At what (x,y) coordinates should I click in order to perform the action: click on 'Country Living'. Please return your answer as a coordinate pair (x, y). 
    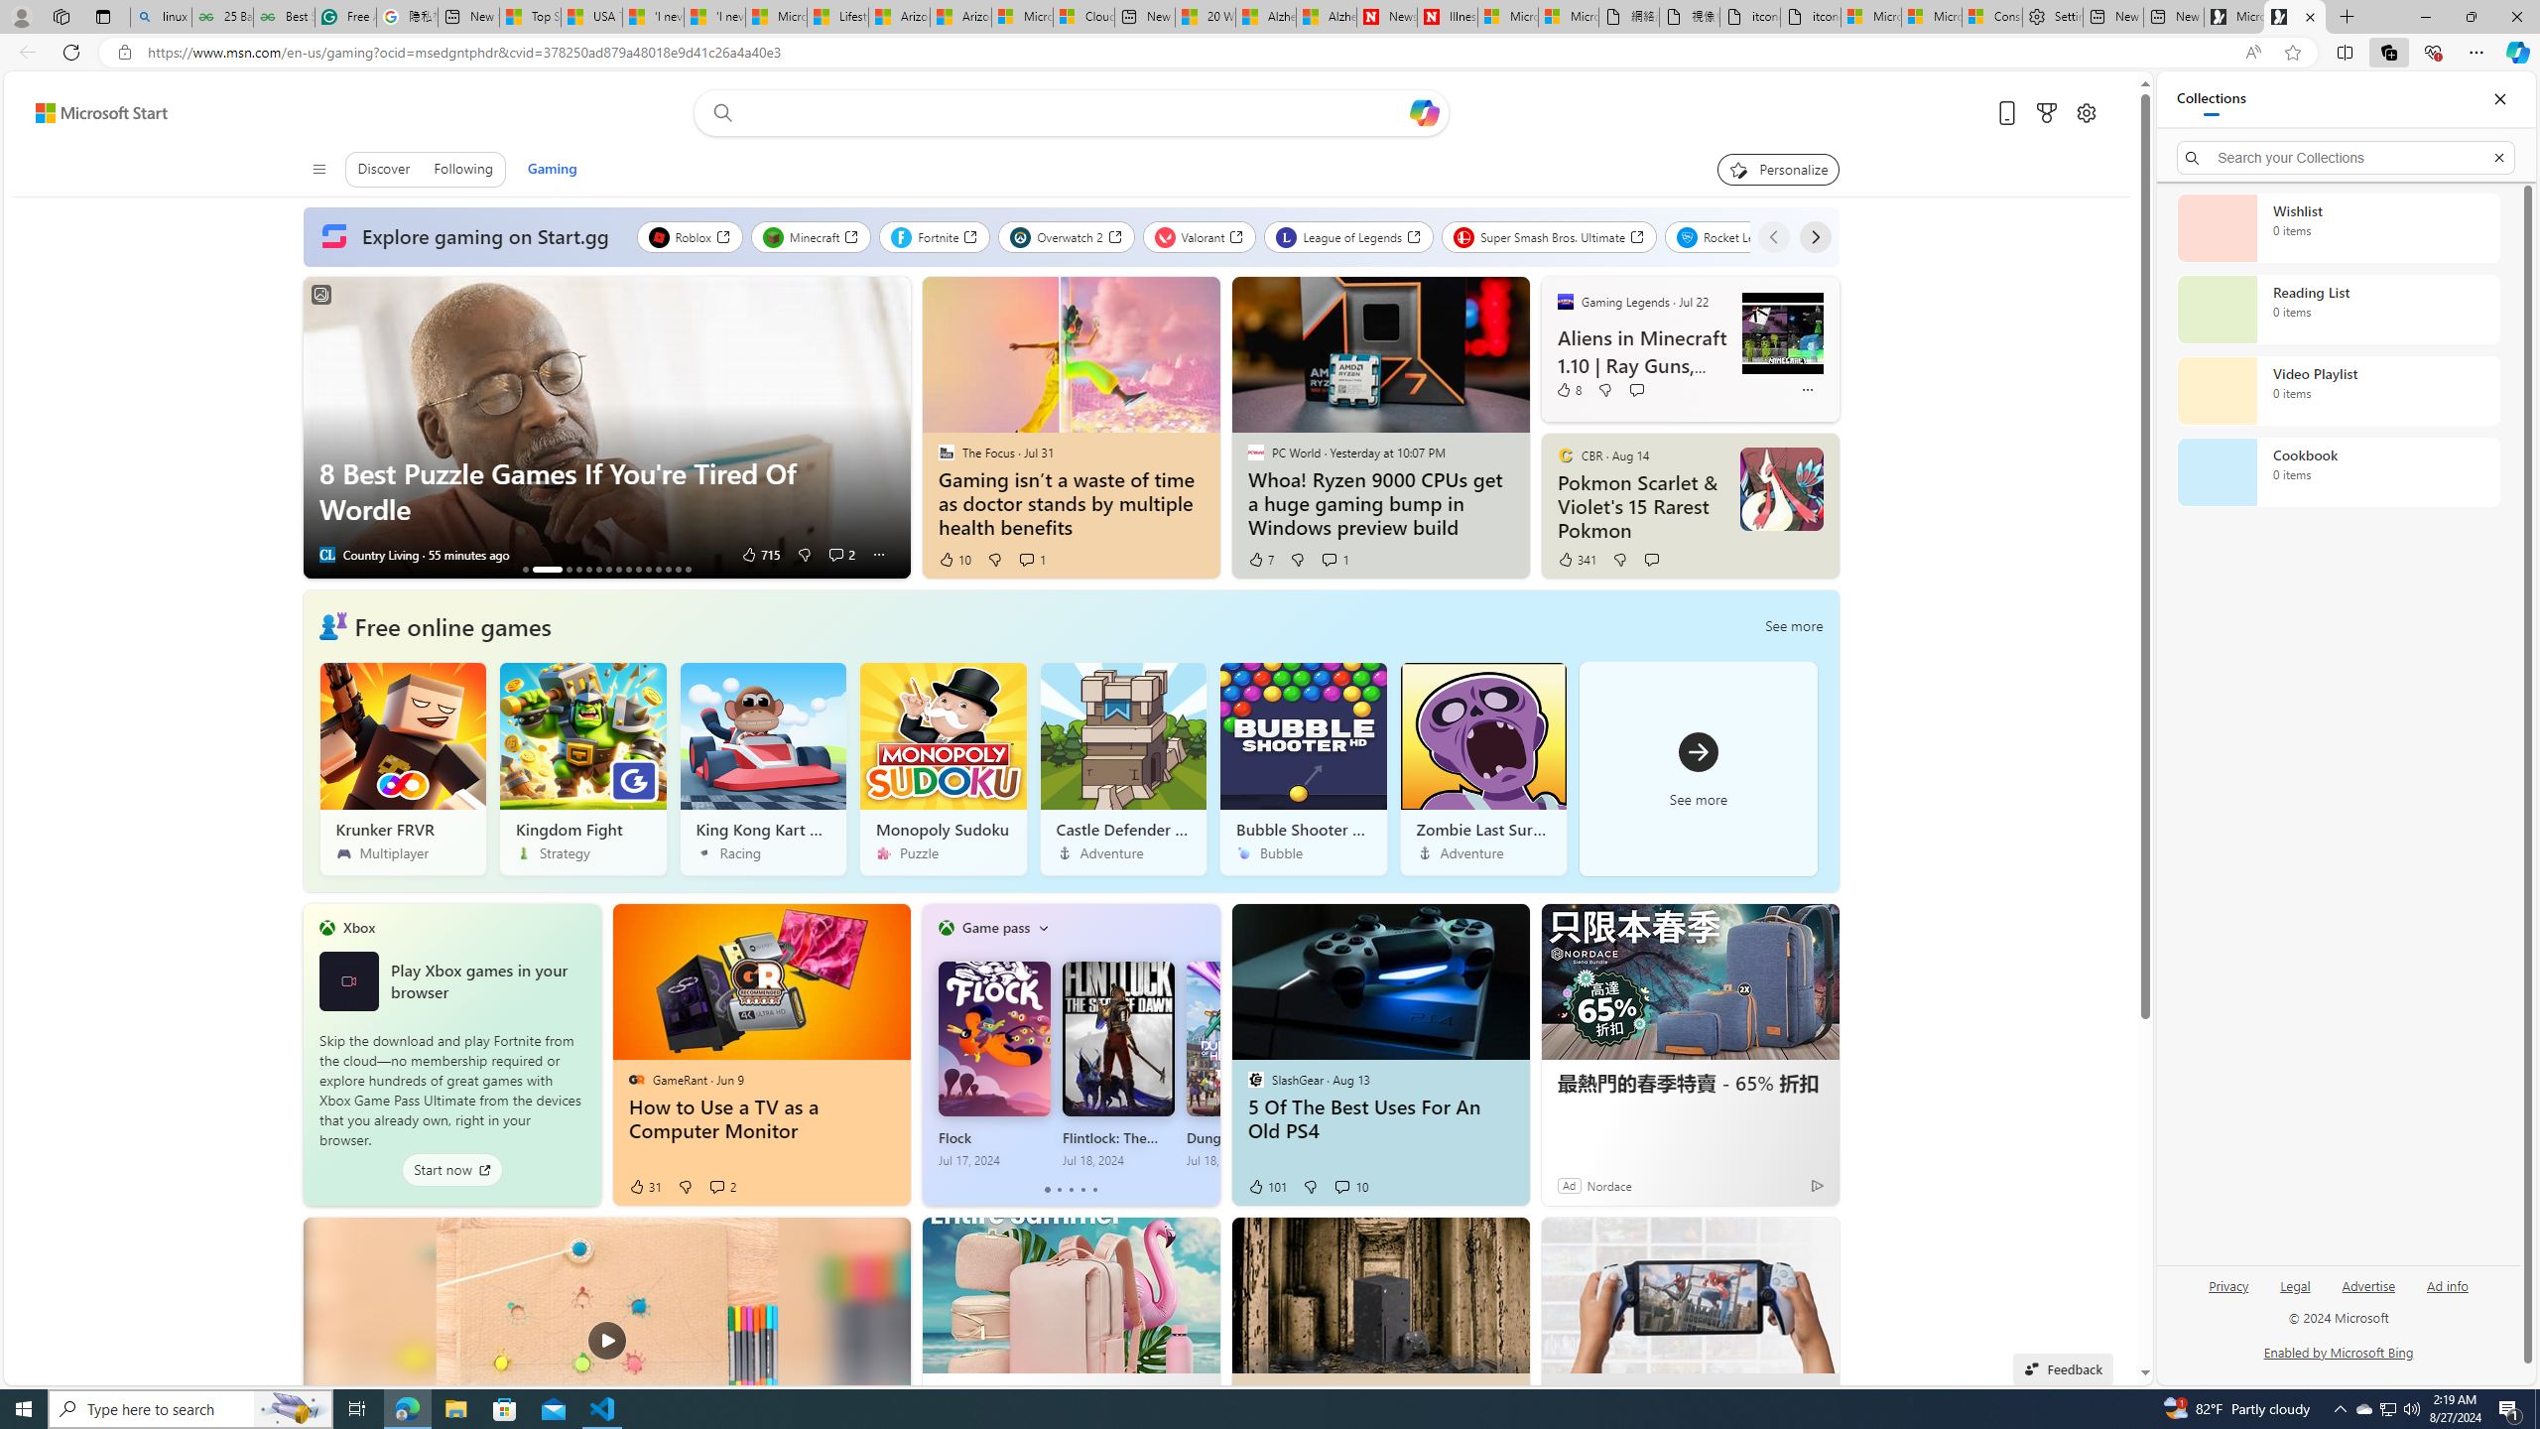
    Looking at the image, I should click on (324, 555).